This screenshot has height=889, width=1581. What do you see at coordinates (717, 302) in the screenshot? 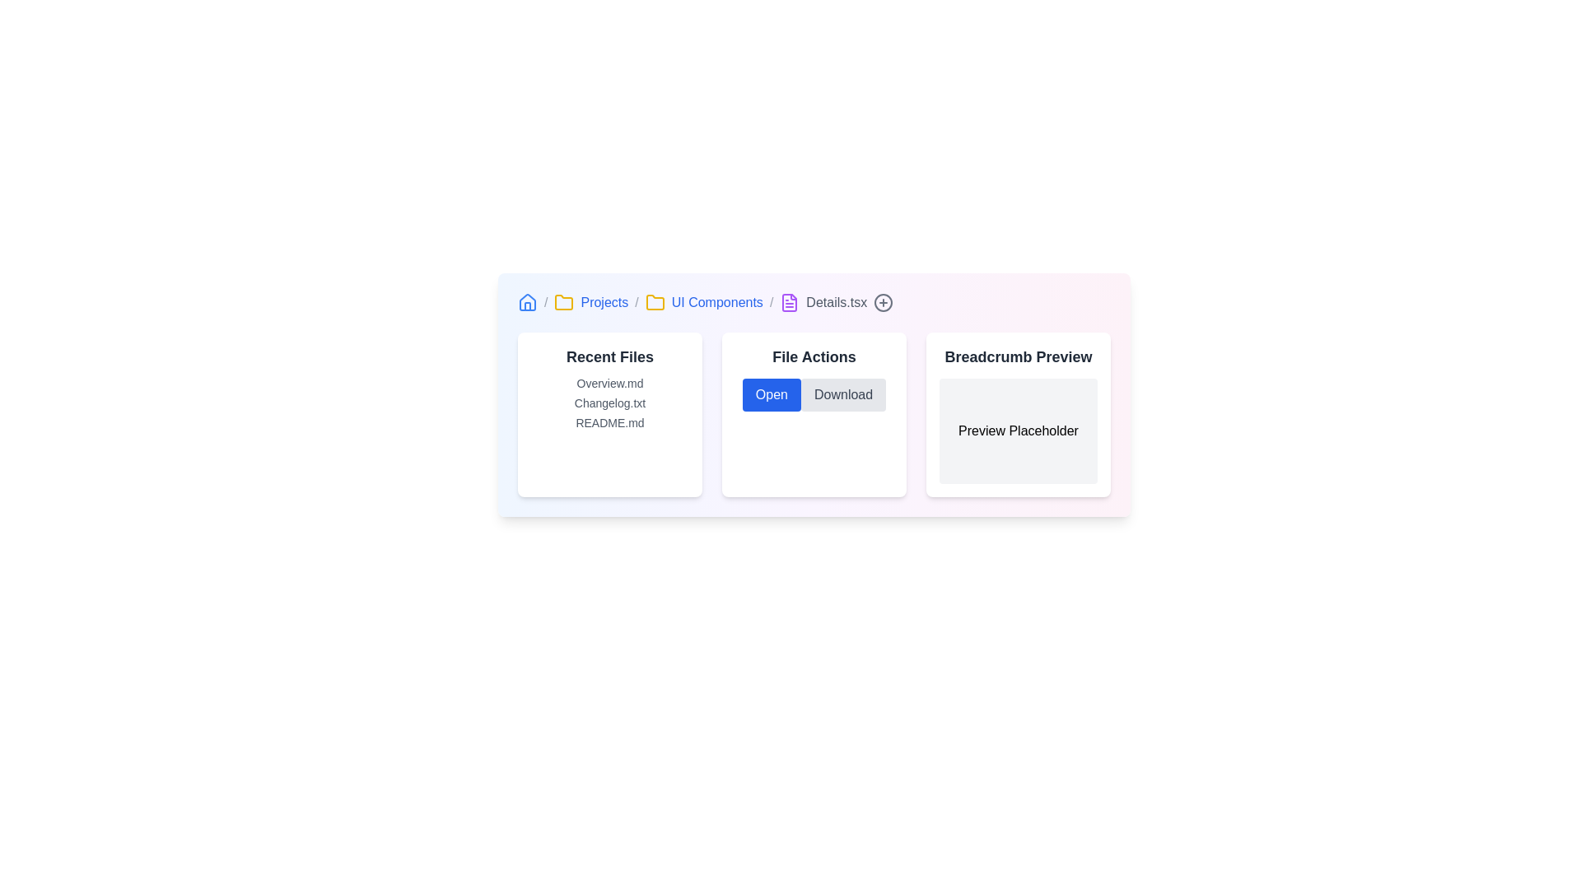
I see `the third clickable hyperlink in the breadcrumb navigation bar that likely redirects to the 'UI Components' section to potentially see additional information such as a tooltip` at bounding box center [717, 302].